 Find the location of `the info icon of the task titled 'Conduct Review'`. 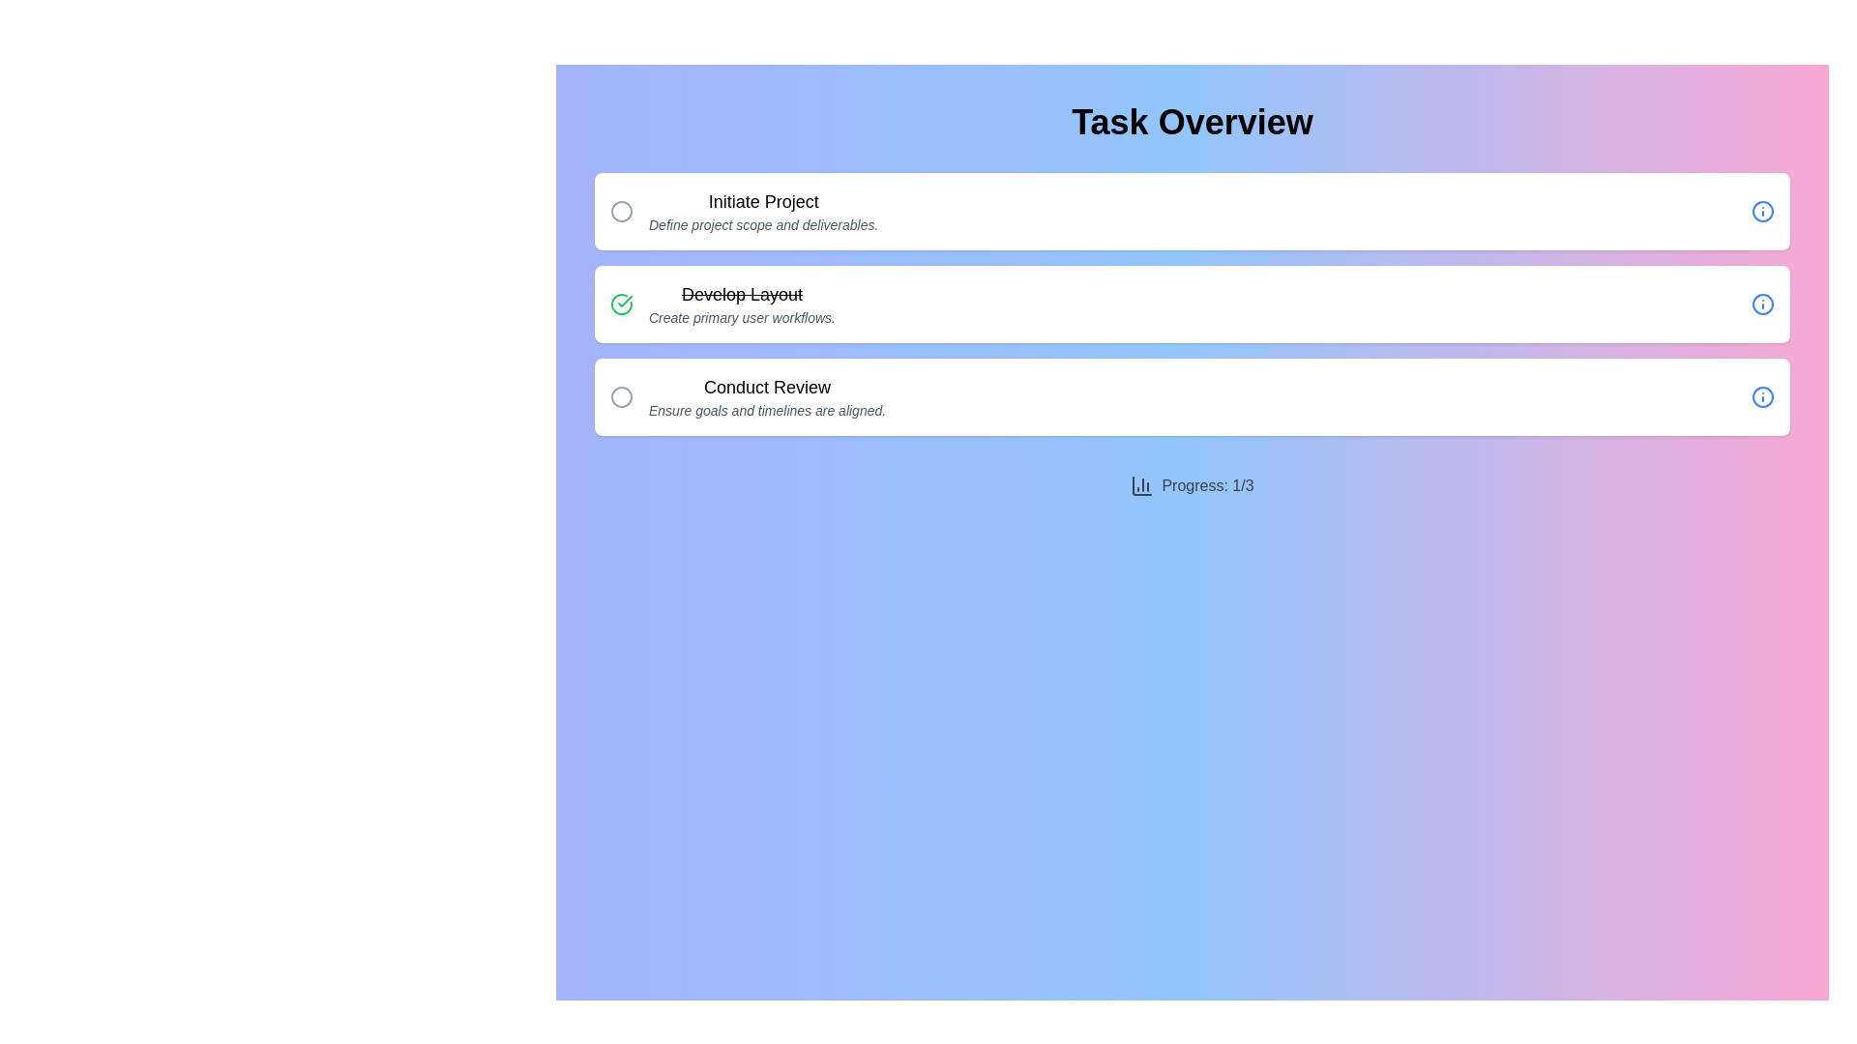

the info icon of the task titled 'Conduct Review' is located at coordinates (1763, 396).